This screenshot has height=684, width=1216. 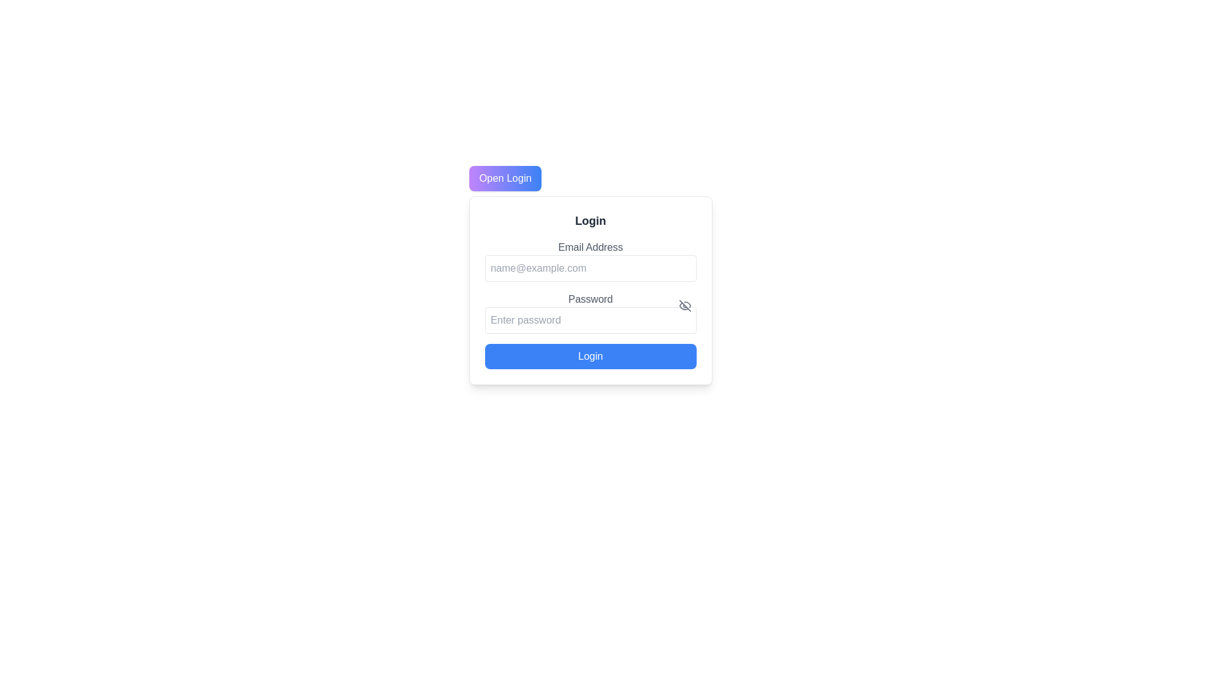 What do you see at coordinates (590, 247) in the screenshot?
I see `the label text that serves as a descriptor for the email input field located at the top center of the login form interface` at bounding box center [590, 247].